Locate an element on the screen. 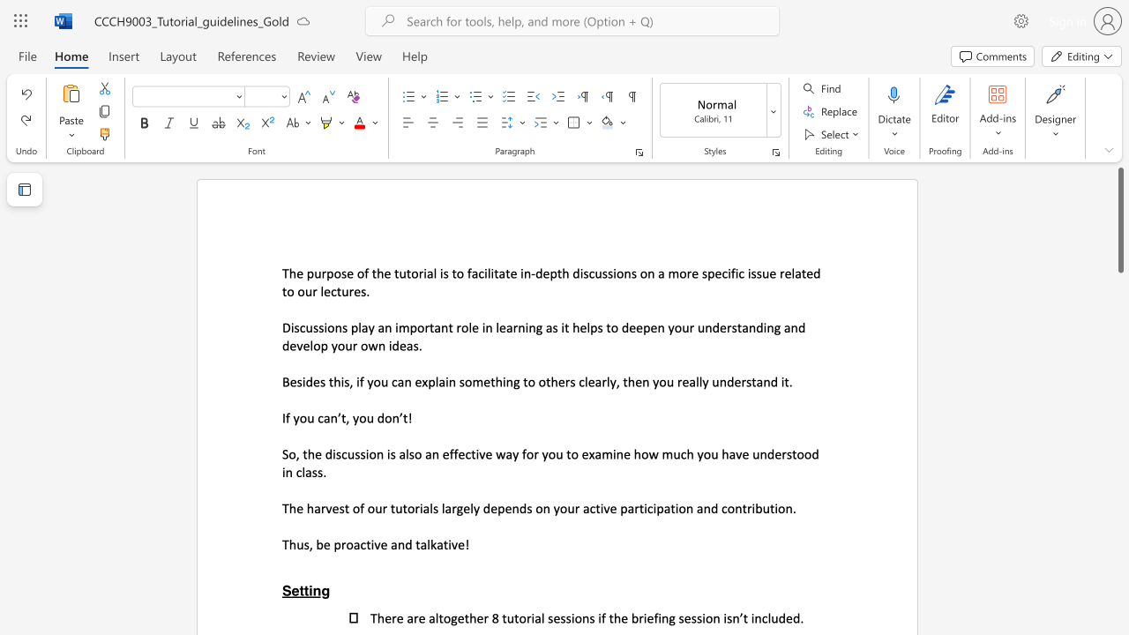 Image resolution: width=1129 pixels, height=635 pixels. the right-hand scrollbar to descend the page is located at coordinates (1119, 476).